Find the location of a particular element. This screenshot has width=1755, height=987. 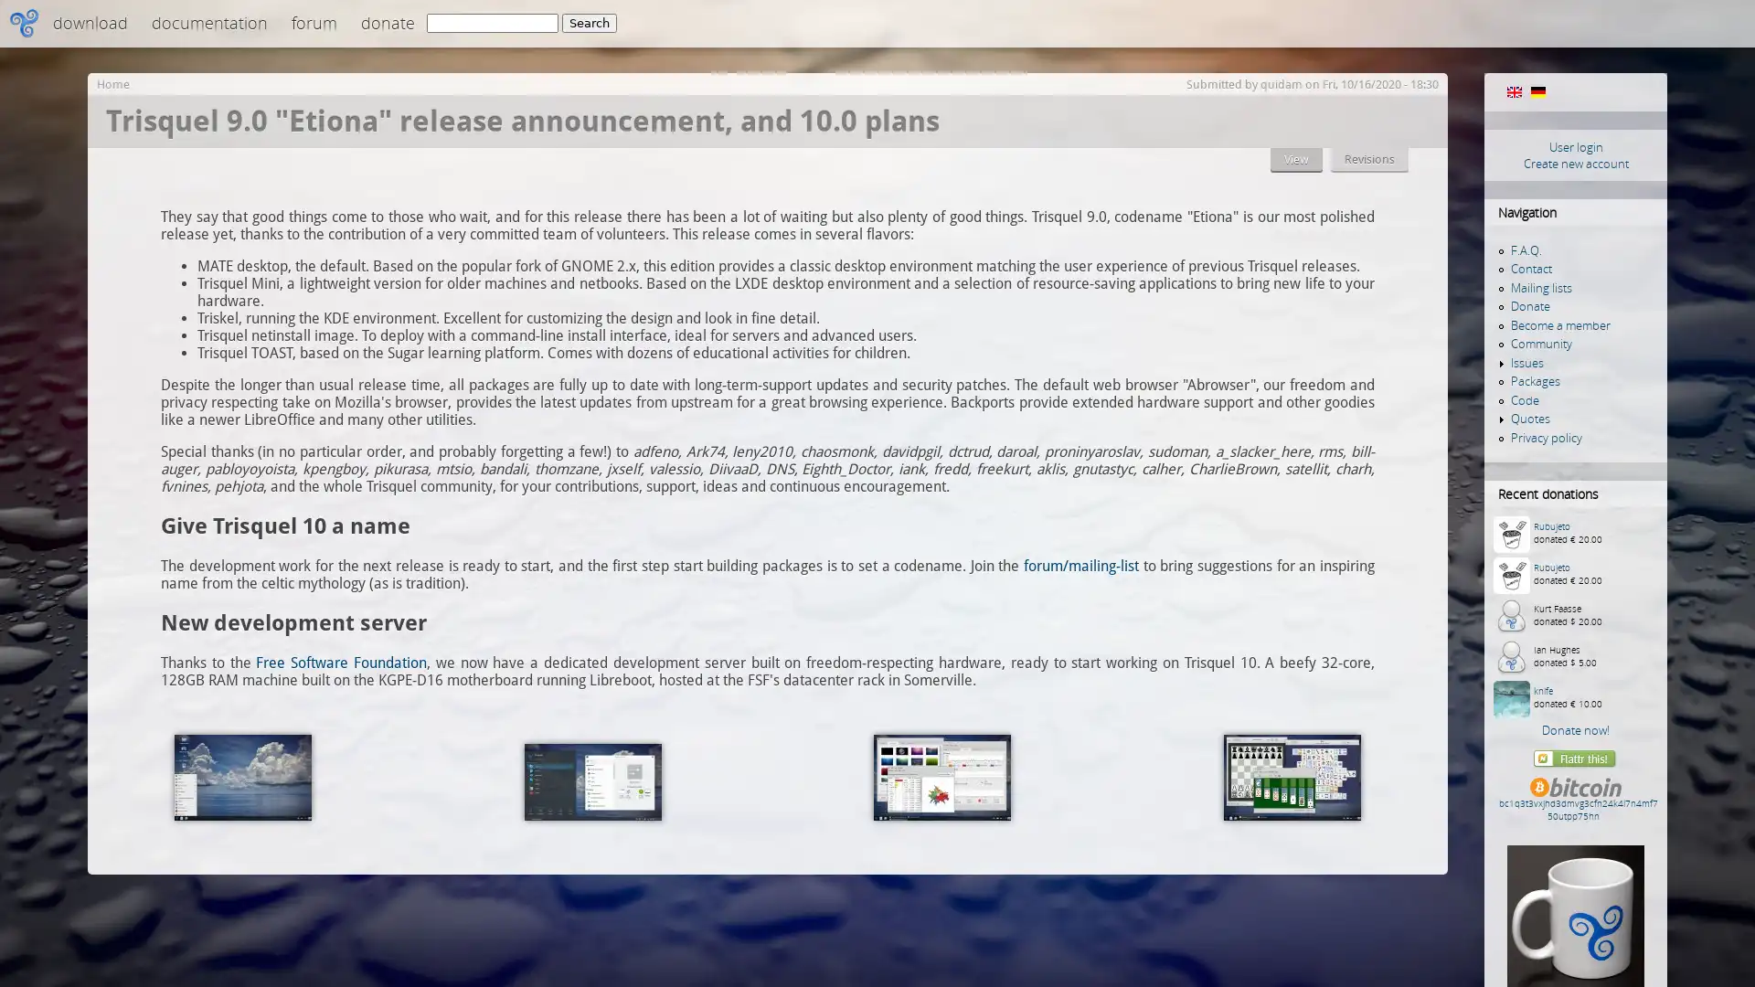

Search is located at coordinates (589, 23).